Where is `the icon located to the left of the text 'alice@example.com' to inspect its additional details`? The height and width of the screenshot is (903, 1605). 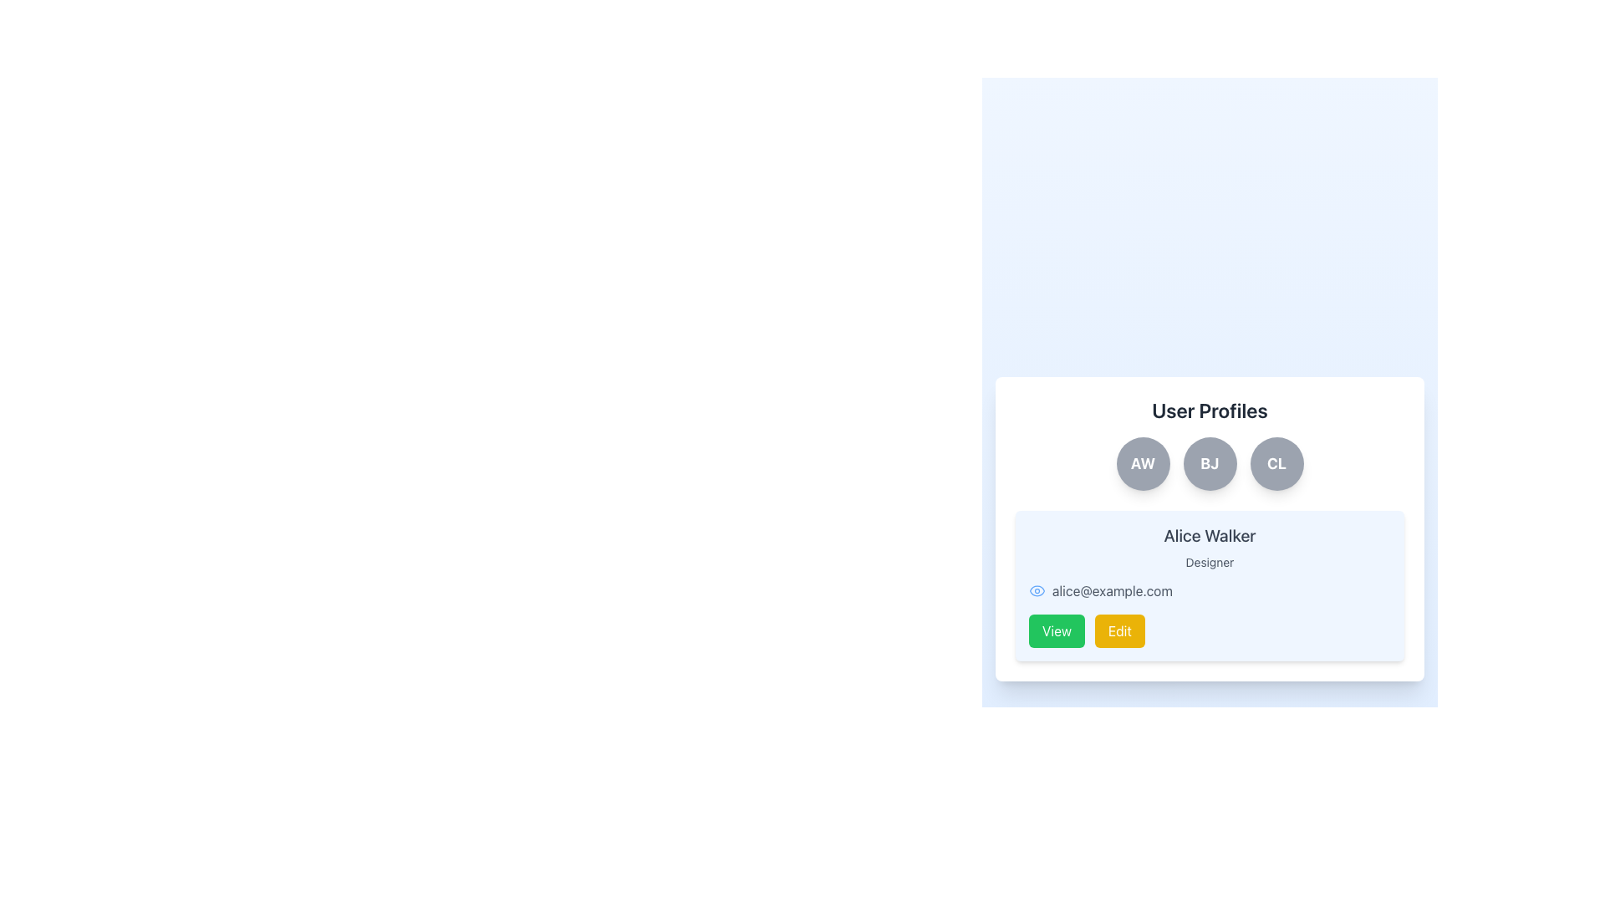 the icon located to the left of the text 'alice@example.com' to inspect its additional details is located at coordinates (1037, 589).